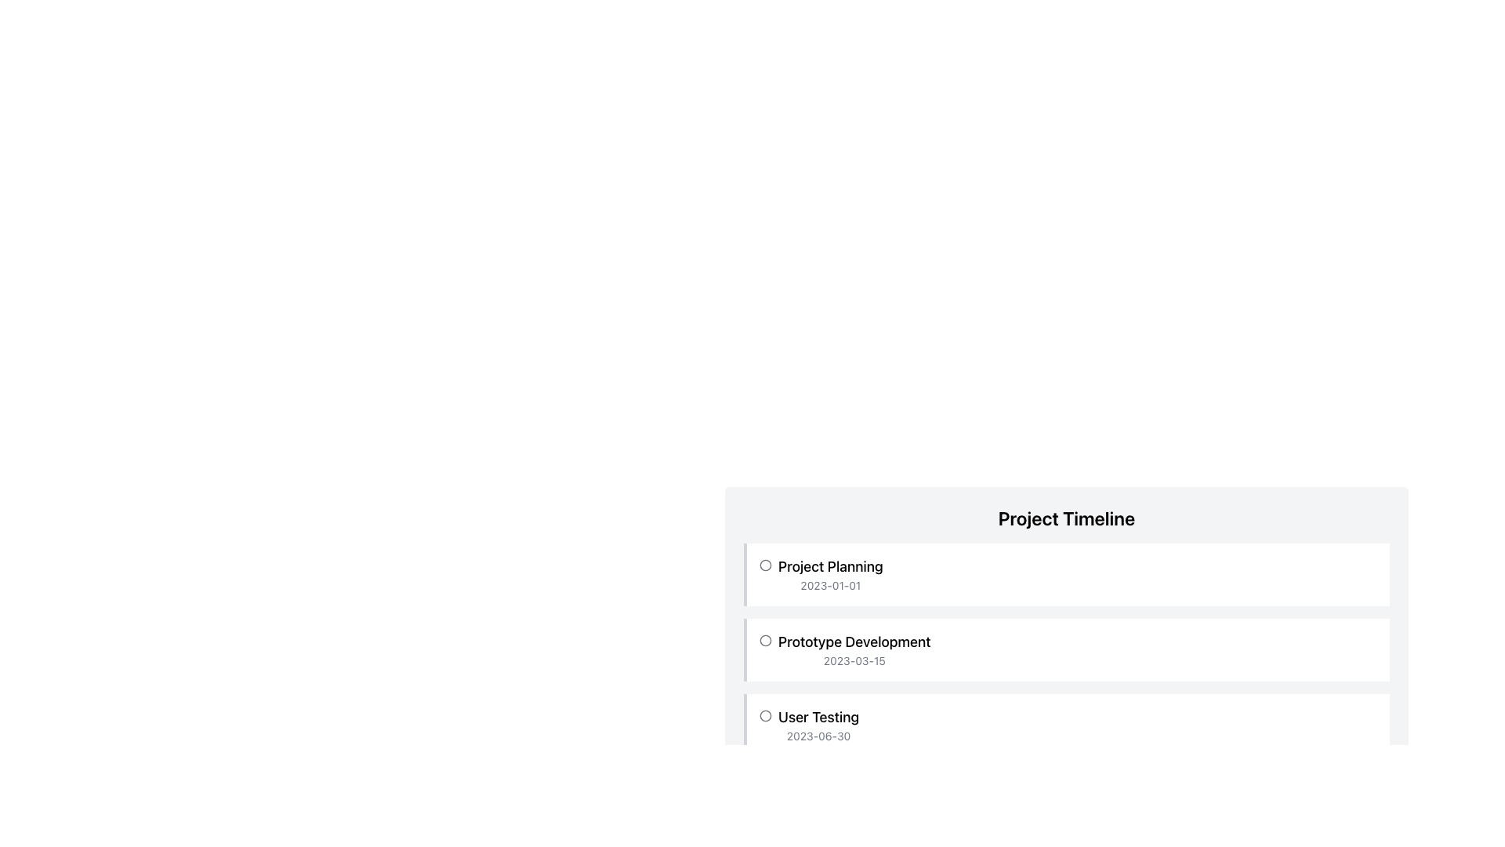 This screenshot has height=847, width=1505. I want to click on the circular icon that serves as a visual indicator adjacent to the text 'Project Planning', which is the topmost icon in the vertical list of three icons, so click(766, 565).